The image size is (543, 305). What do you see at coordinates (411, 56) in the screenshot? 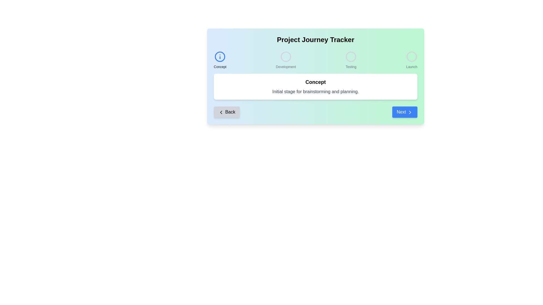
I see `the SVG Circle Element representing the 'Launch' stage in the progress tracker interface` at bounding box center [411, 56].